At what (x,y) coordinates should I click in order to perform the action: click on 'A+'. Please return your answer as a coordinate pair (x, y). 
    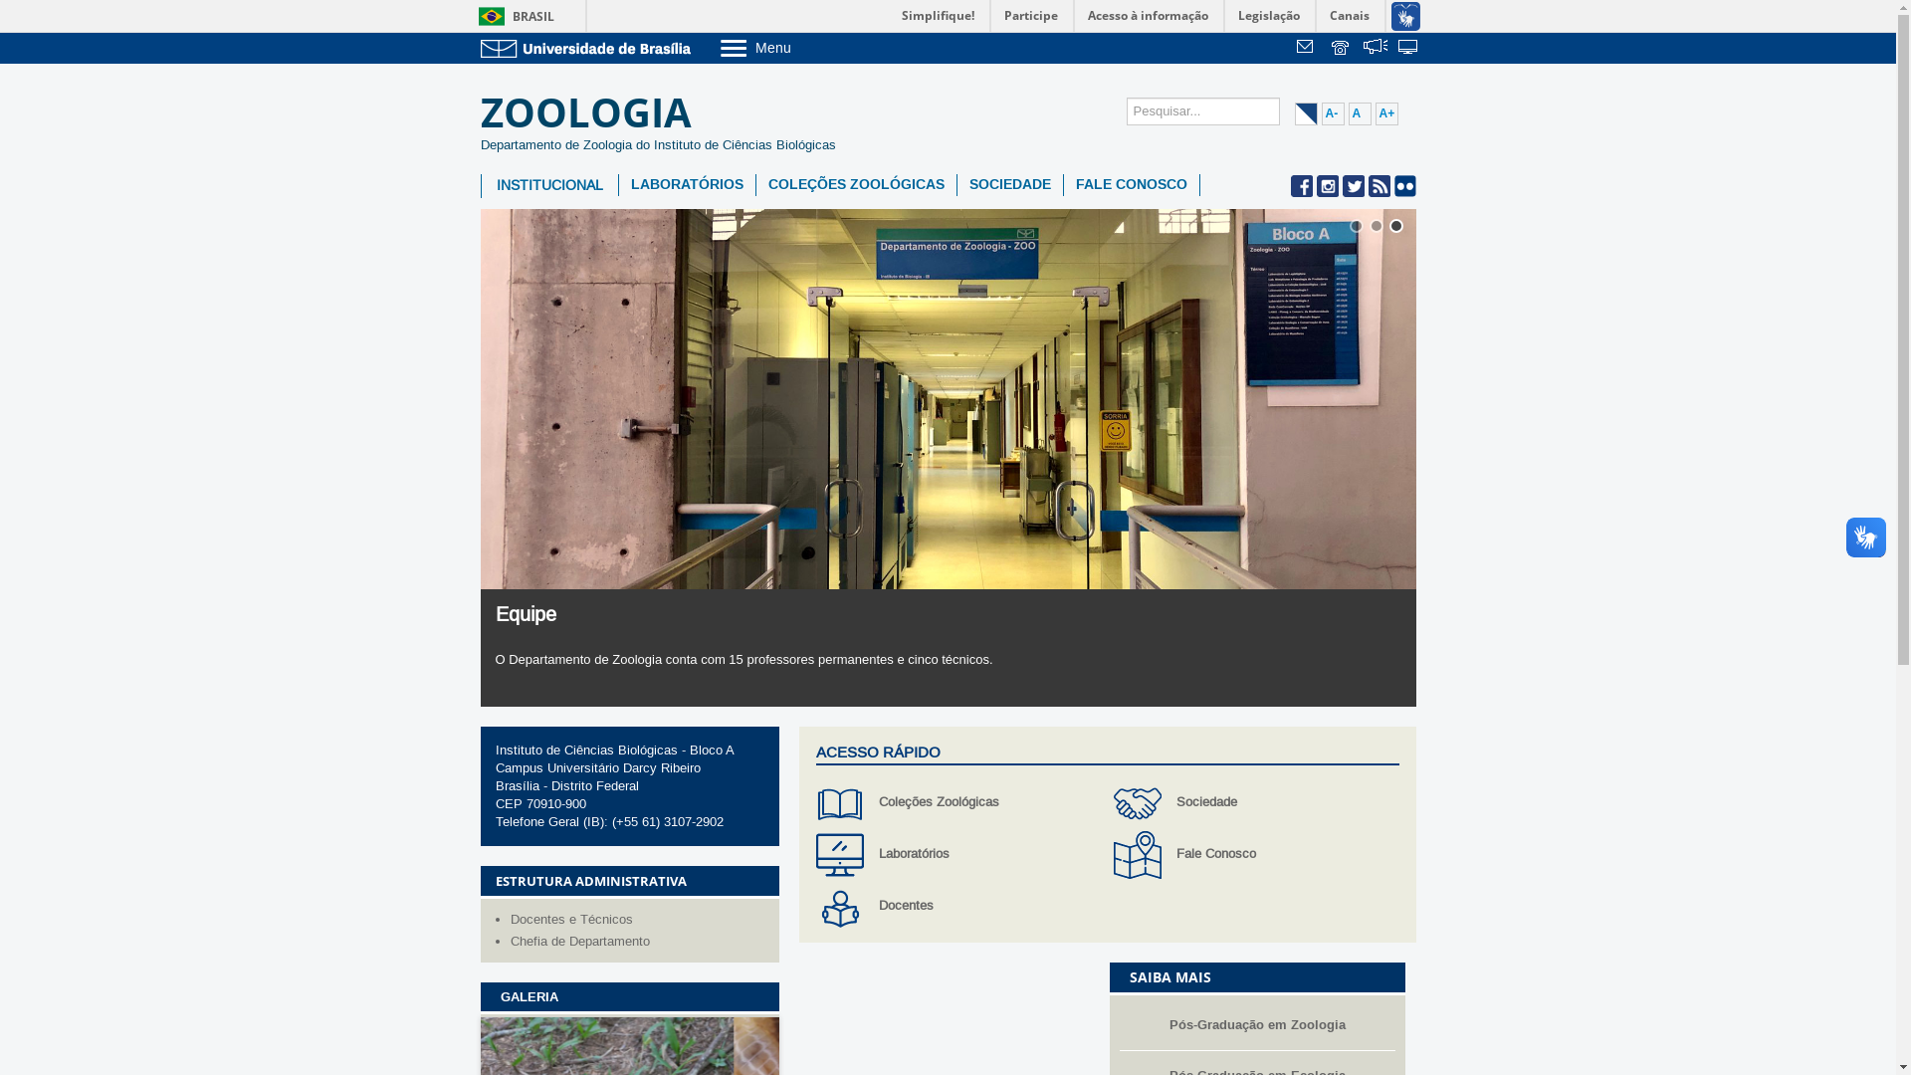
    Looking at the image, I should click on (1375, 113).